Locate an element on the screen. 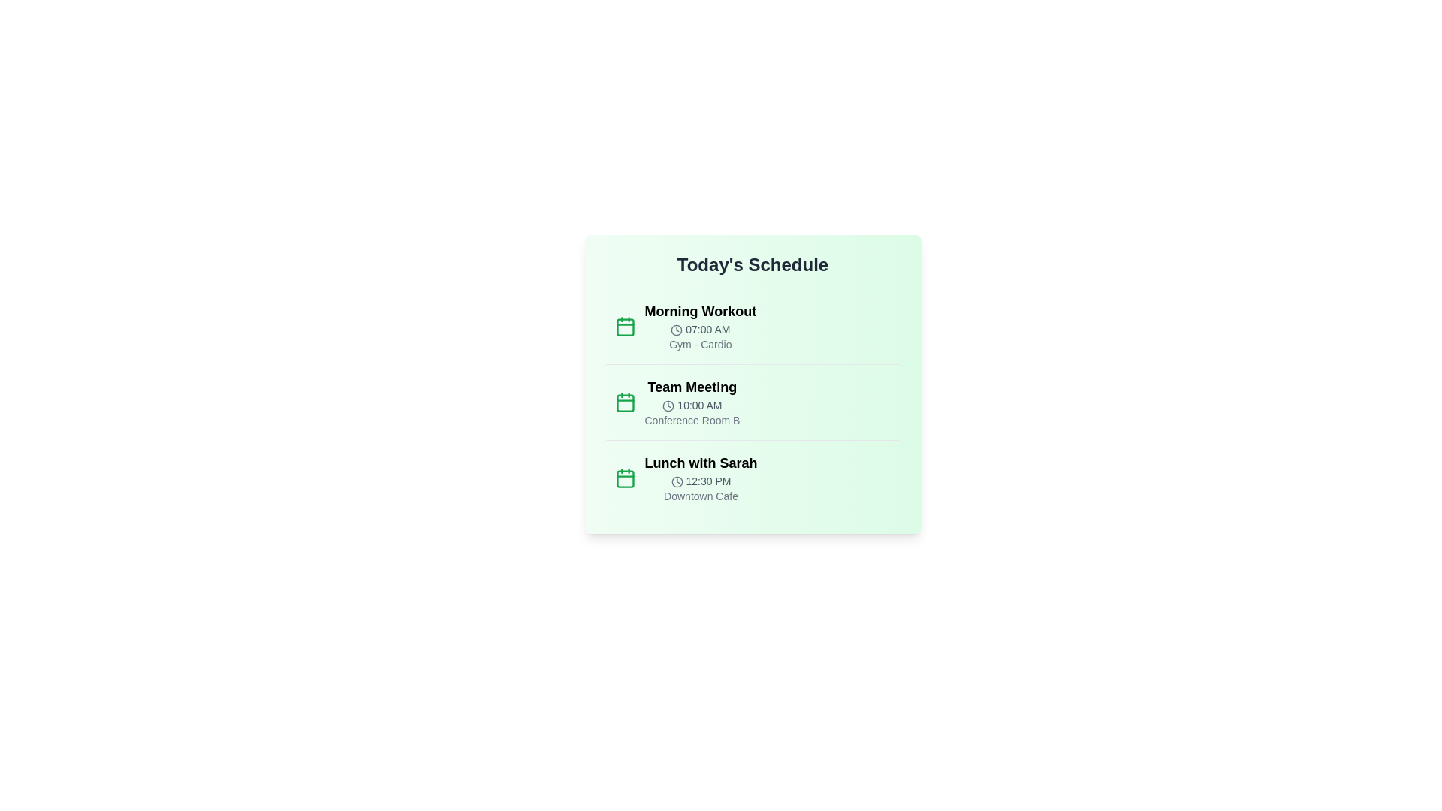 The width and height of the screenshot is (1442, 811). the event item for Lunch with Sarah is located at coordinates (753, 478).